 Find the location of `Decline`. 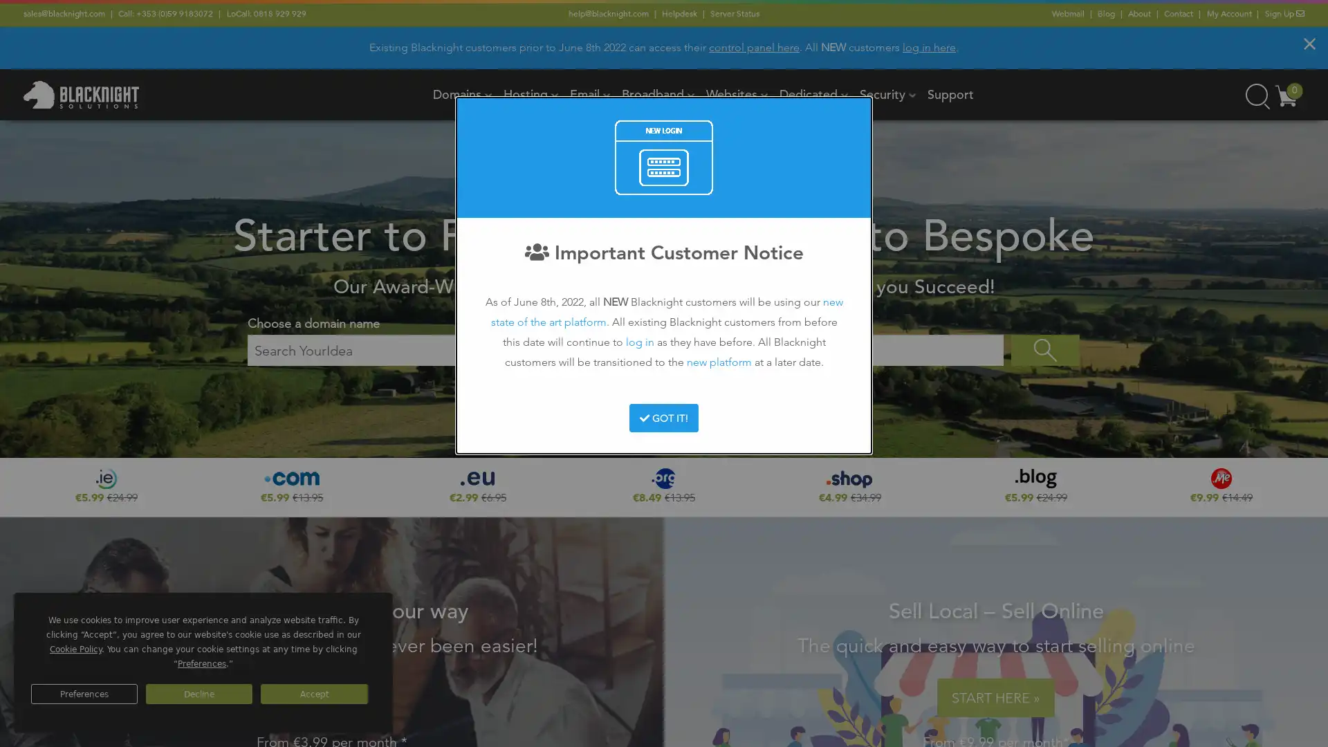

Decline is located at coordinates (199, 694).